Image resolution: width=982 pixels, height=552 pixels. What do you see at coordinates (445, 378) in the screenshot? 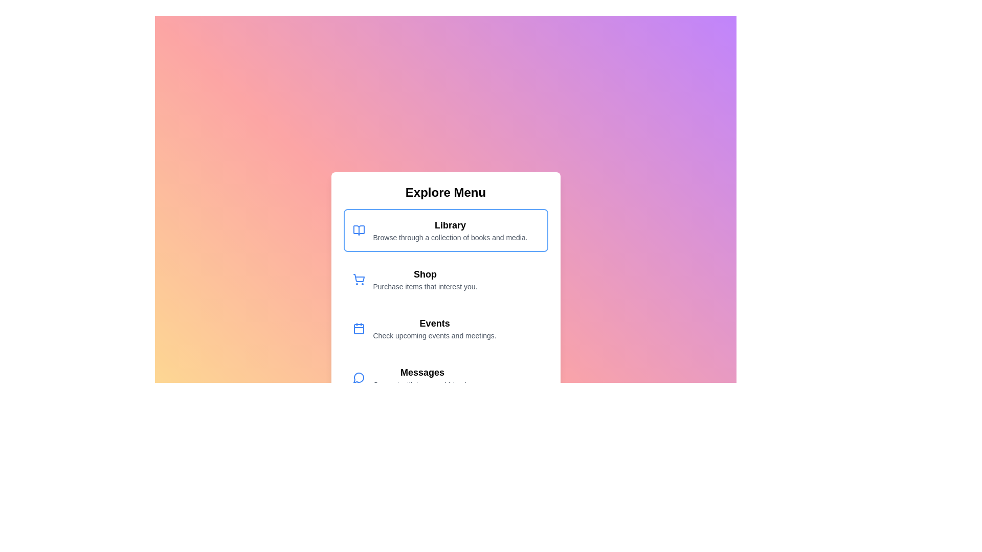
I see `the menu option Messages to observe its hover effect` at bounding box center [445, 378].